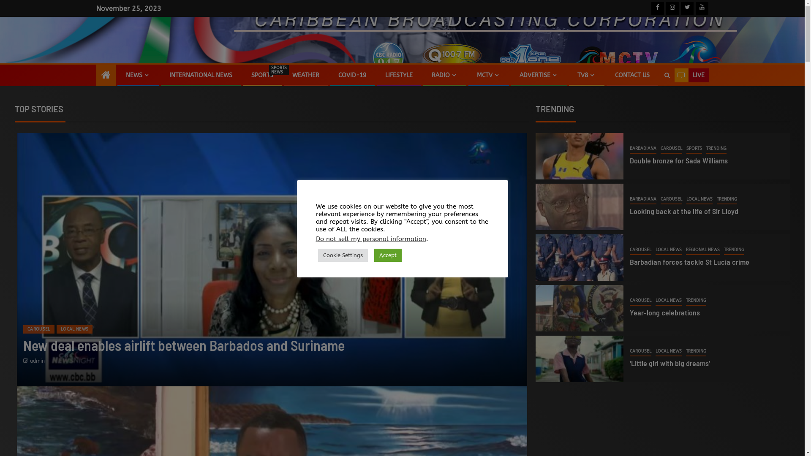 The height and width of the screenshot is (456, 811). I want to click on 'SPORTS', so click(694, 149).